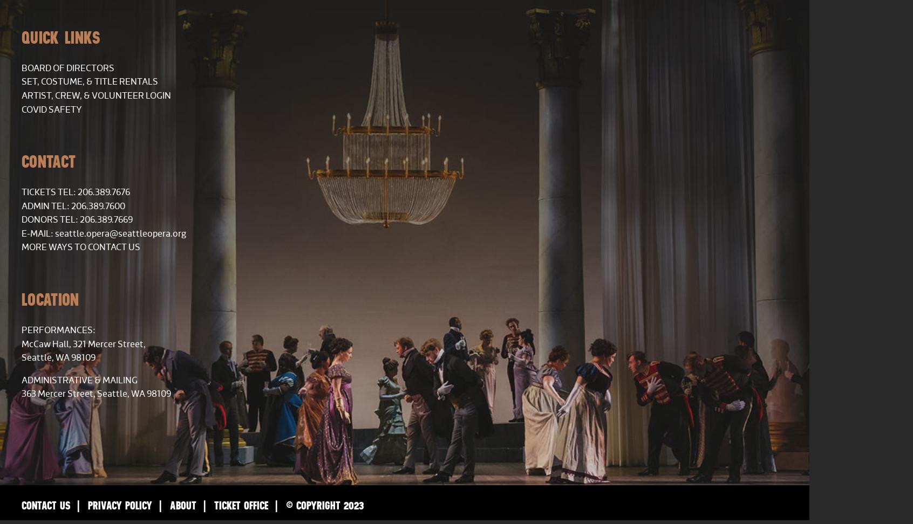 The image size is (913, 524). What do you see at coordinates (50, 299) in the screenshot?
I see `'Location'` at bounding box center [50, 299].